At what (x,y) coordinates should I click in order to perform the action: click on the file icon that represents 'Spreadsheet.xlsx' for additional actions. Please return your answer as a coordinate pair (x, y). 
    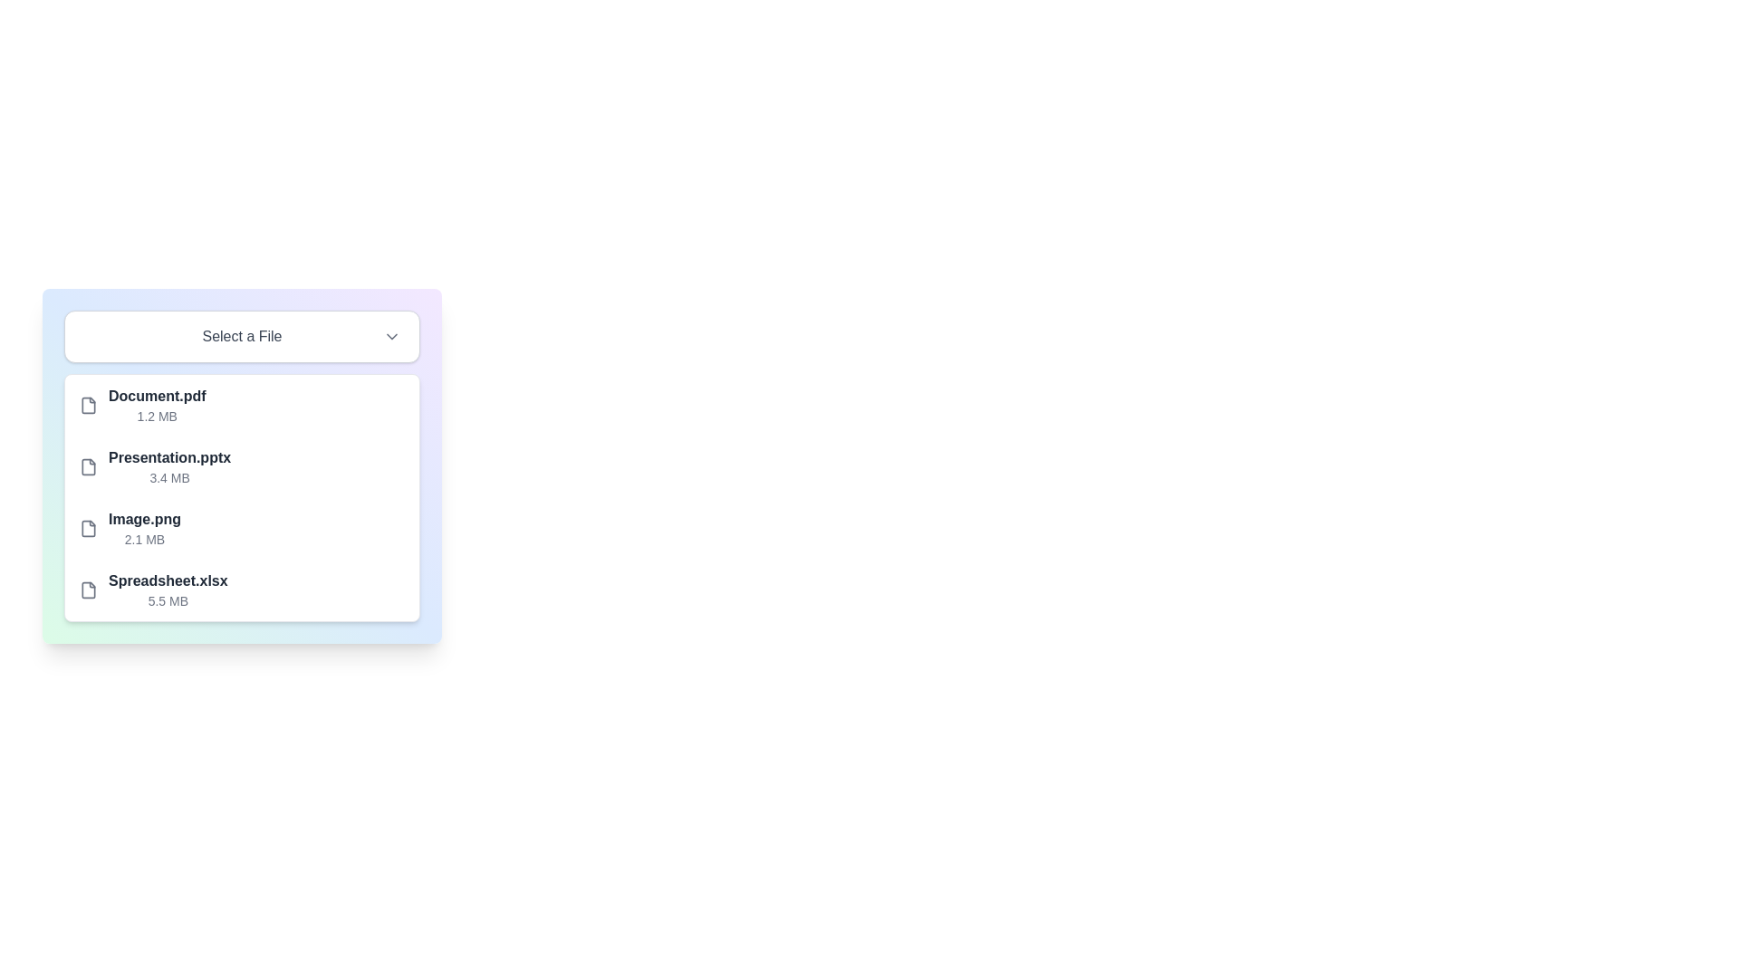
    Looking at the image, I should click on (87, 590).